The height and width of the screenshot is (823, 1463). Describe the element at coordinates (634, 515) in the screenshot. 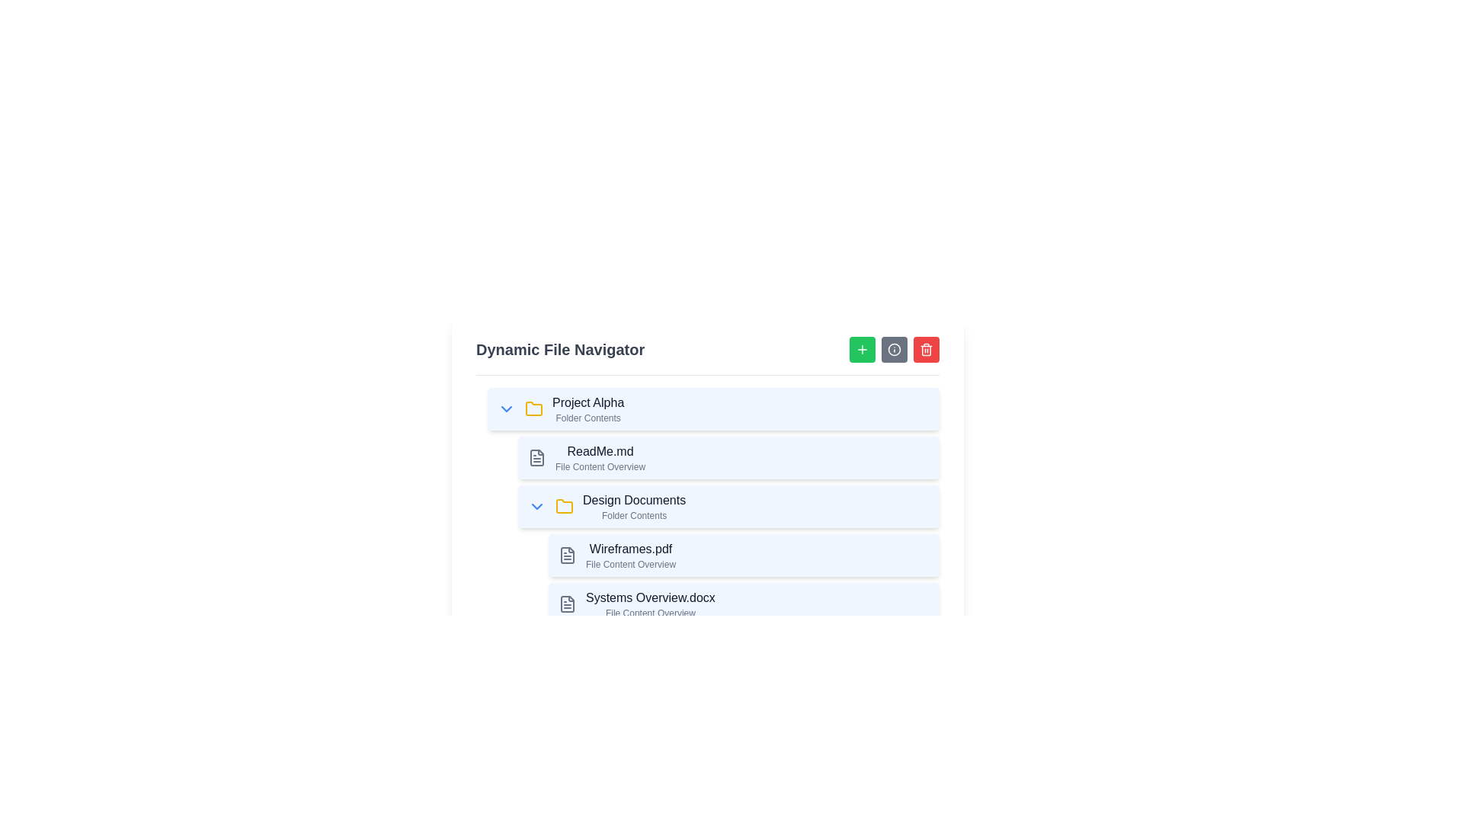

I see `descriptive text label located directly below the 'Design Documents' text in the file navigation interface` at that location.